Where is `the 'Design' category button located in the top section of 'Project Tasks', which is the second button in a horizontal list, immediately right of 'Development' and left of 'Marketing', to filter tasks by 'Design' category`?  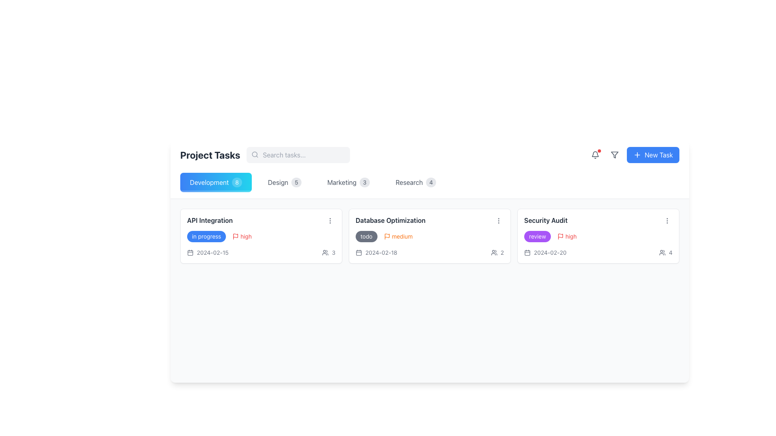
the 'Design' category button located in the top section of 'Project Tasks', which is the second button in a horizontal list, immediately right of 'Development' and left of 'Marketing', to filter tasks by 'Design' category is located at coordinates (285, 182).